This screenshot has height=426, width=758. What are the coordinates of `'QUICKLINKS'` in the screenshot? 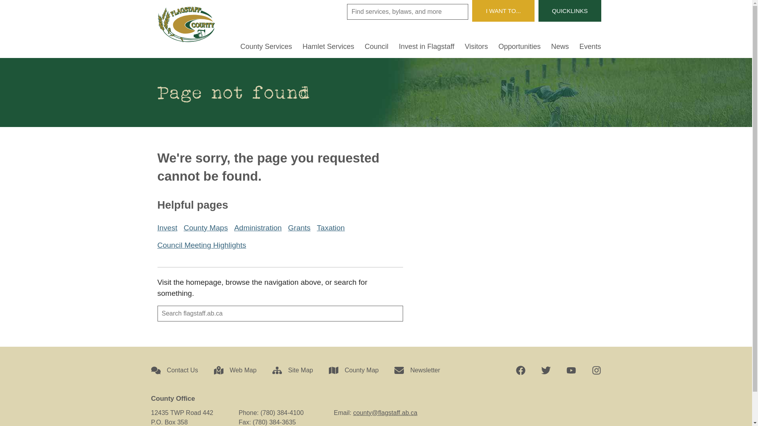 It's located at (570, 11).